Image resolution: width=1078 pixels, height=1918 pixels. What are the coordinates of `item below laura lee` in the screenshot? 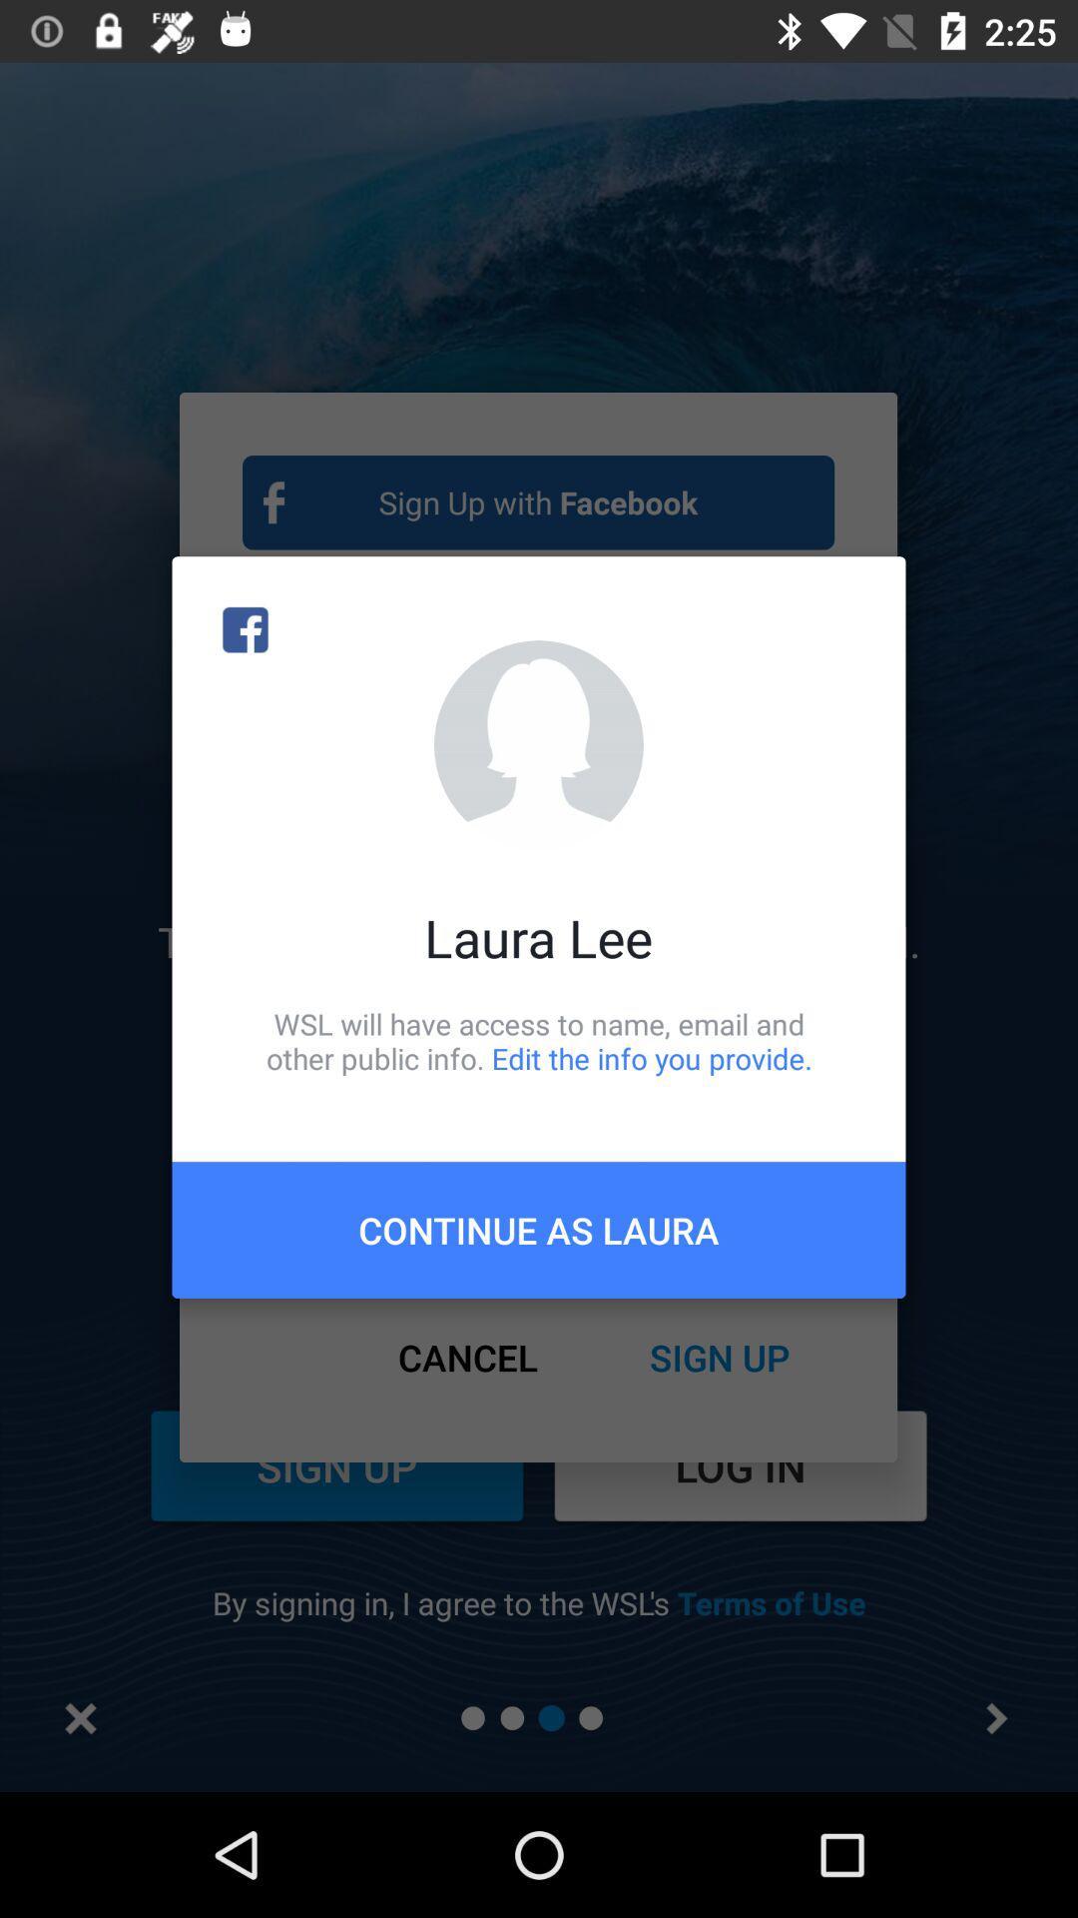 It's located at (539, 1040).